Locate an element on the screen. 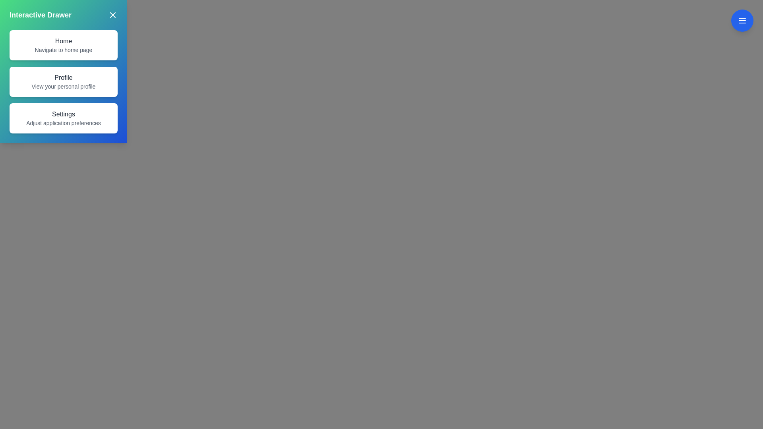 The height and width of the screenshot is (429, 763). the menu item button located in the navigation drawer, which is the first option under the title 'Interactive Drawer' is located at coordinates (63, 45).